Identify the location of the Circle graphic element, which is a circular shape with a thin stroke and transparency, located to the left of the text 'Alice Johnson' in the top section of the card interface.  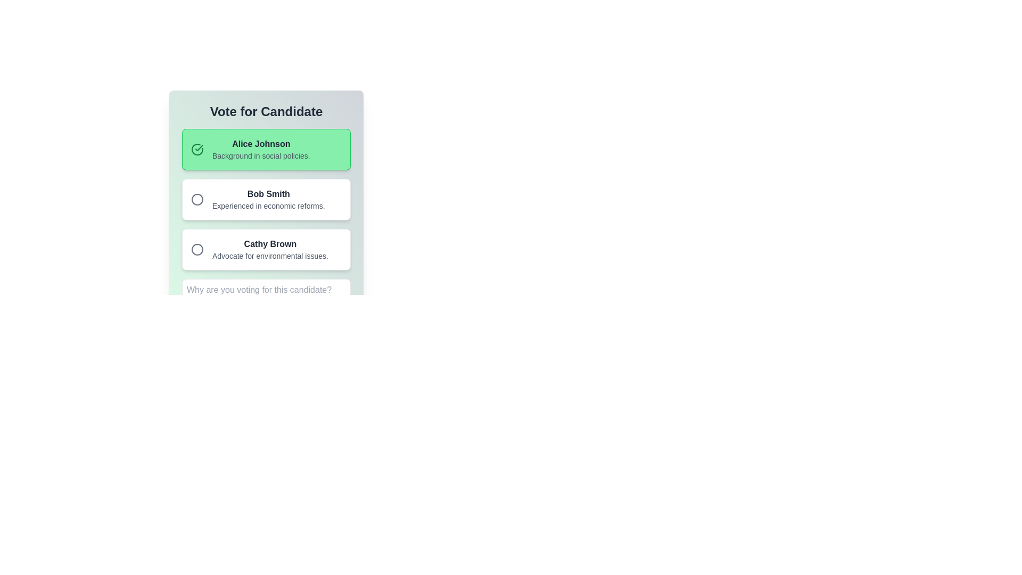
(197, 199).